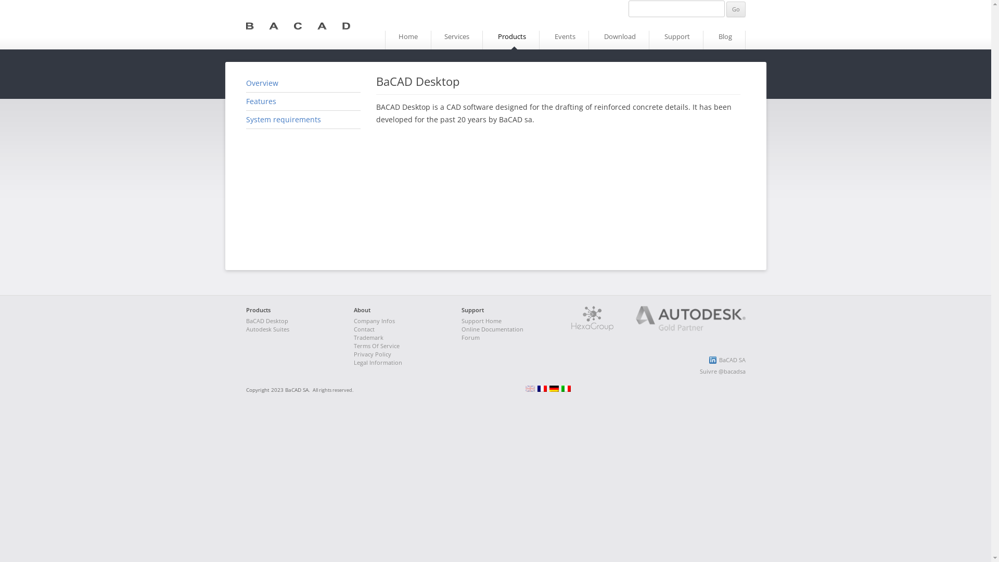  What do you see at coordinates (368, 337) in the screenshot?
I see `'Trademark'` at bounding box center [368, 337].